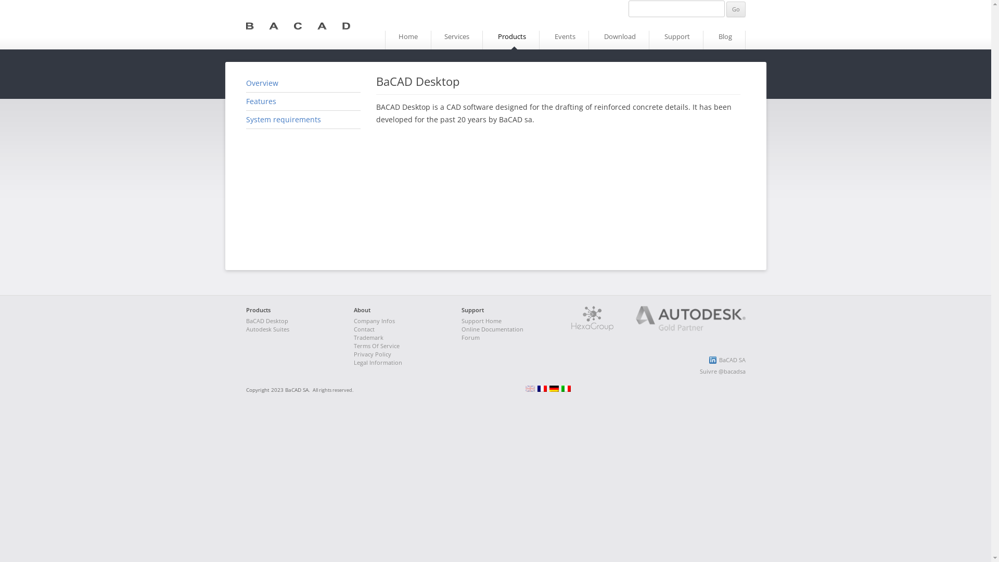  What do you see at coordinates (368, 337) in the screenshot?
I see `'Trademark'` at bounding box center [368, 337].